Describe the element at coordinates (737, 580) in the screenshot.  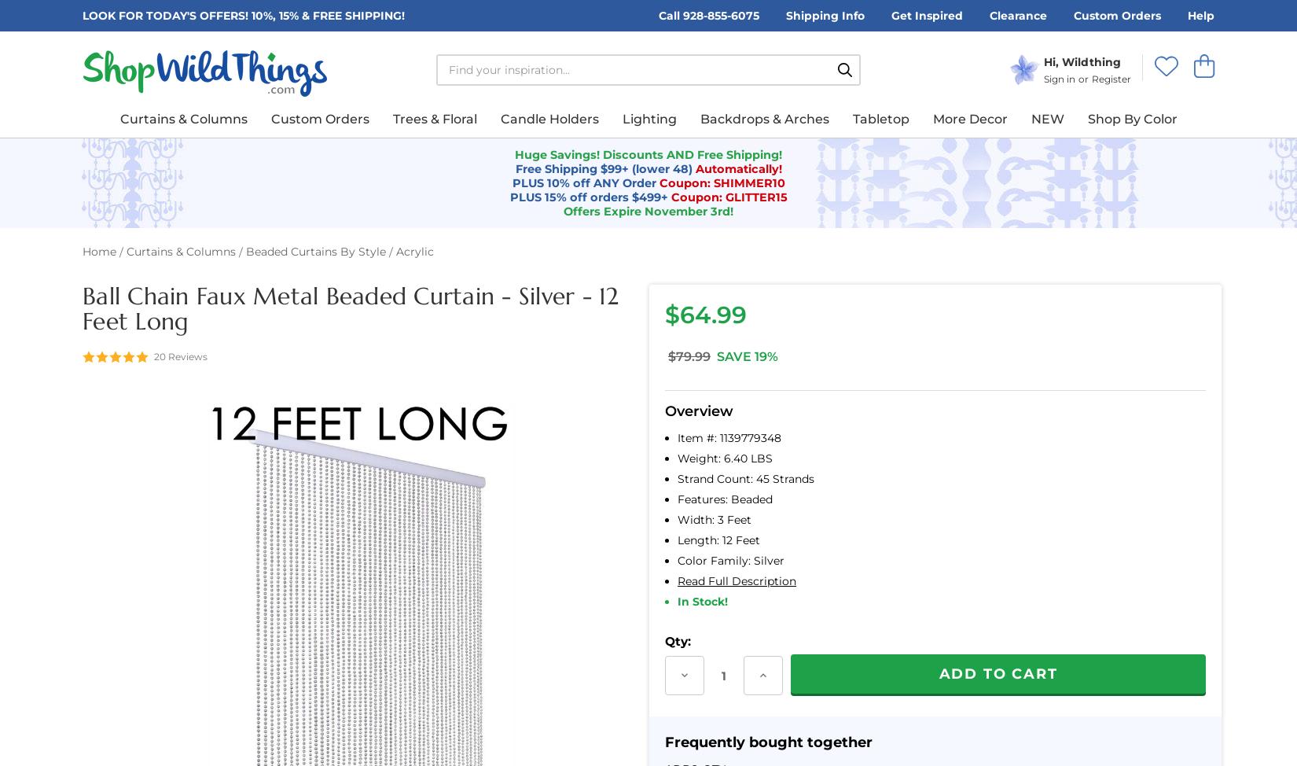
I see `'Read Full Description'` at that location.